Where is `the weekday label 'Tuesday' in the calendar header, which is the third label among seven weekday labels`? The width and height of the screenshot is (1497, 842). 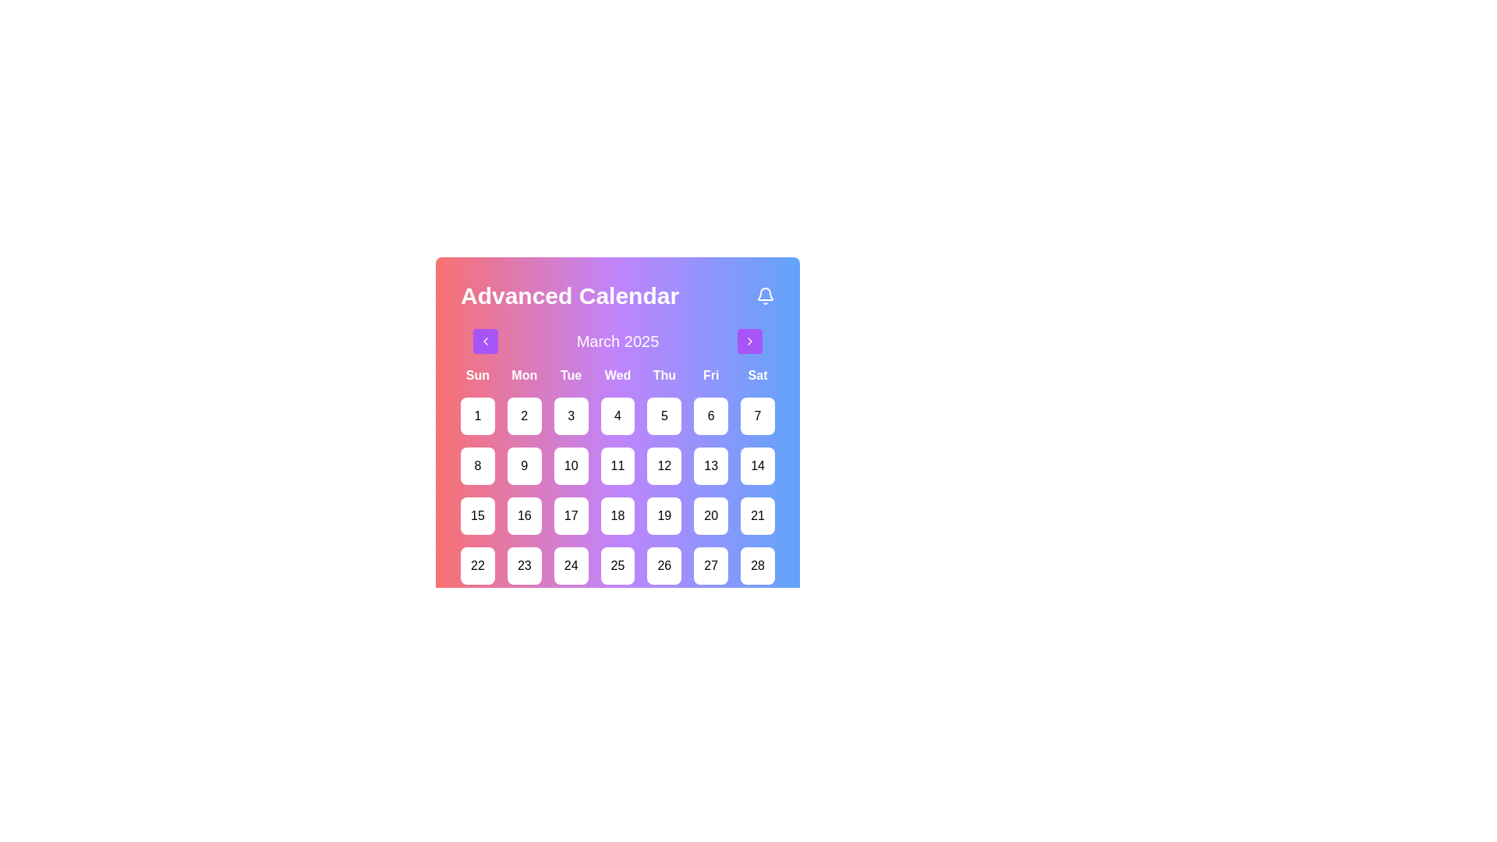
the weekday label 'Tuesday' in the calendar header, which is the third label among seven weekday labels is located at coordinates (570, 376).